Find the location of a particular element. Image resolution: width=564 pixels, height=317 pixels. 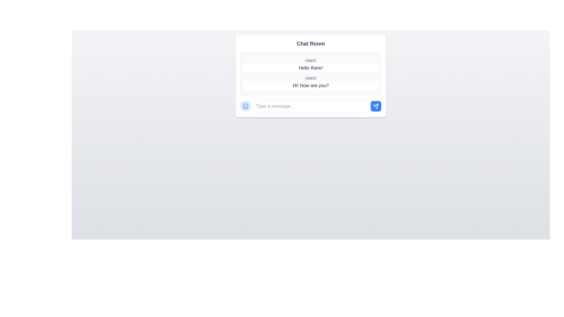

the decorative vector graphic within the send button located at the bottom-right corner of the chat interface is located at coordinates (377, 105).